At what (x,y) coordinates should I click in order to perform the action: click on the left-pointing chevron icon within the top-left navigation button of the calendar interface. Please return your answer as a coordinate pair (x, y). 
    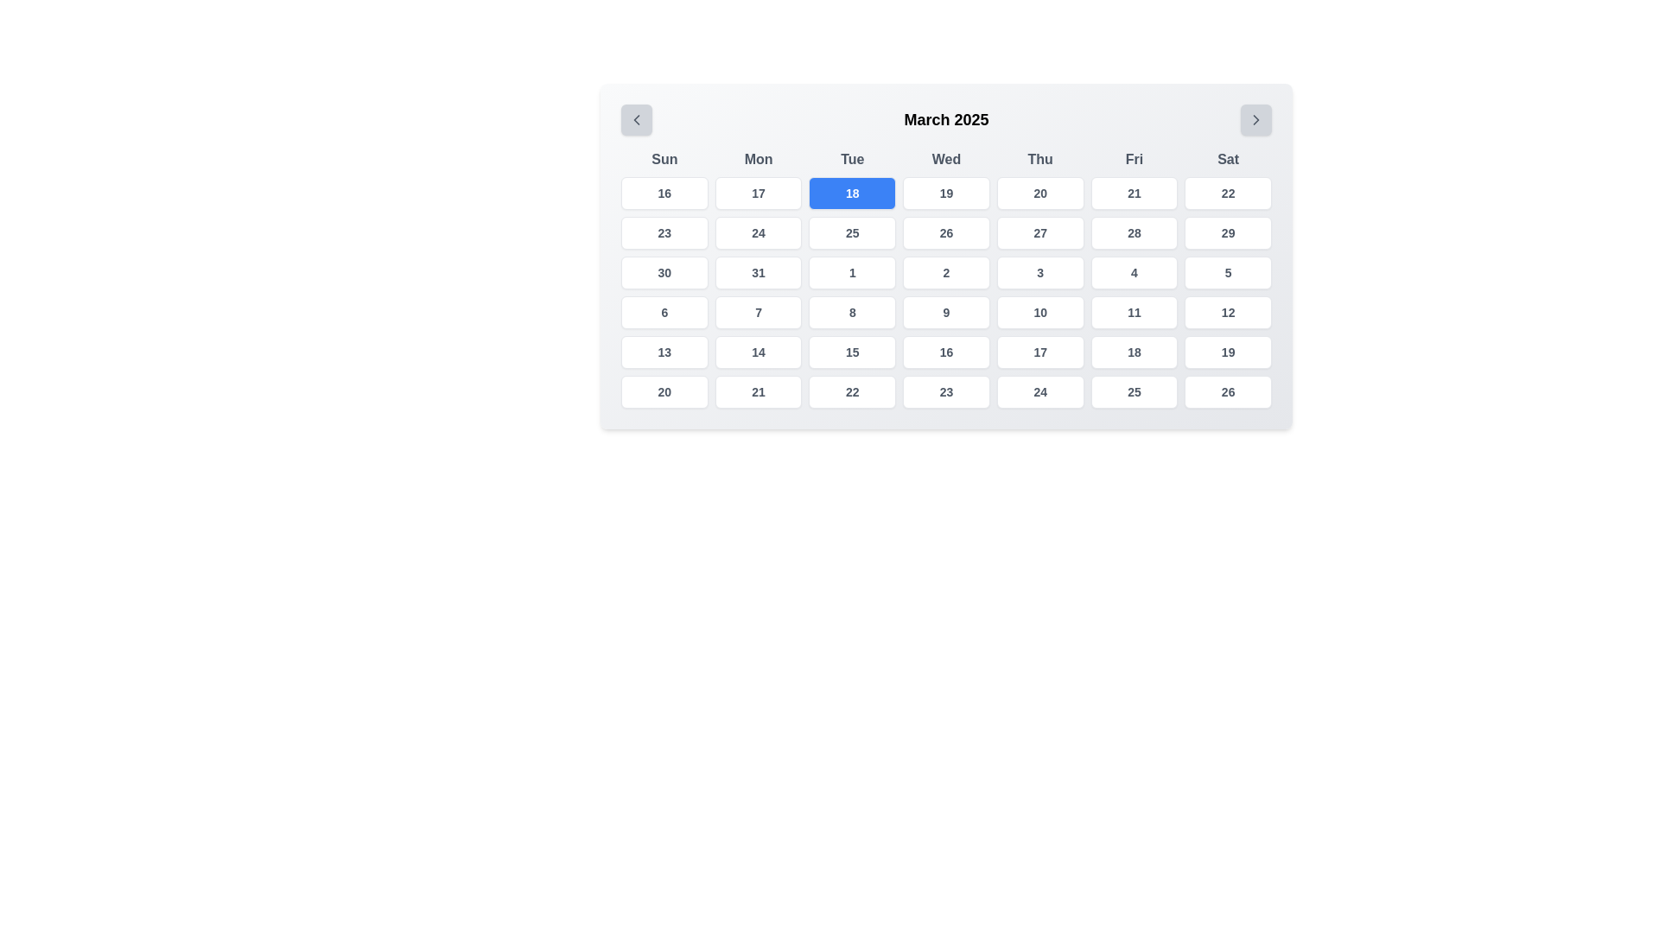
    Looking at the image, I should click on (636, 118).